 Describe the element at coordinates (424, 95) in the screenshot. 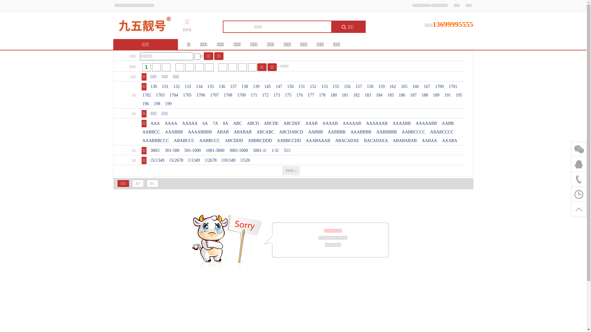

I see `'188'` at that location.